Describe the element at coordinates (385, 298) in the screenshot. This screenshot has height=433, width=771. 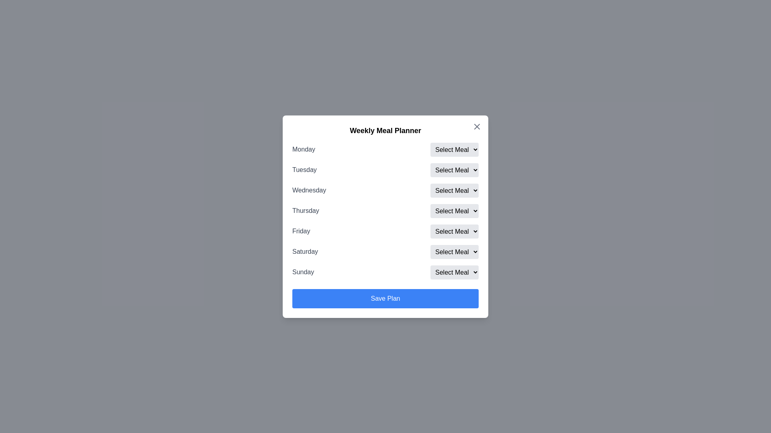
I see `the 'Save Plan' button to submit the selected meal plan` at that location.